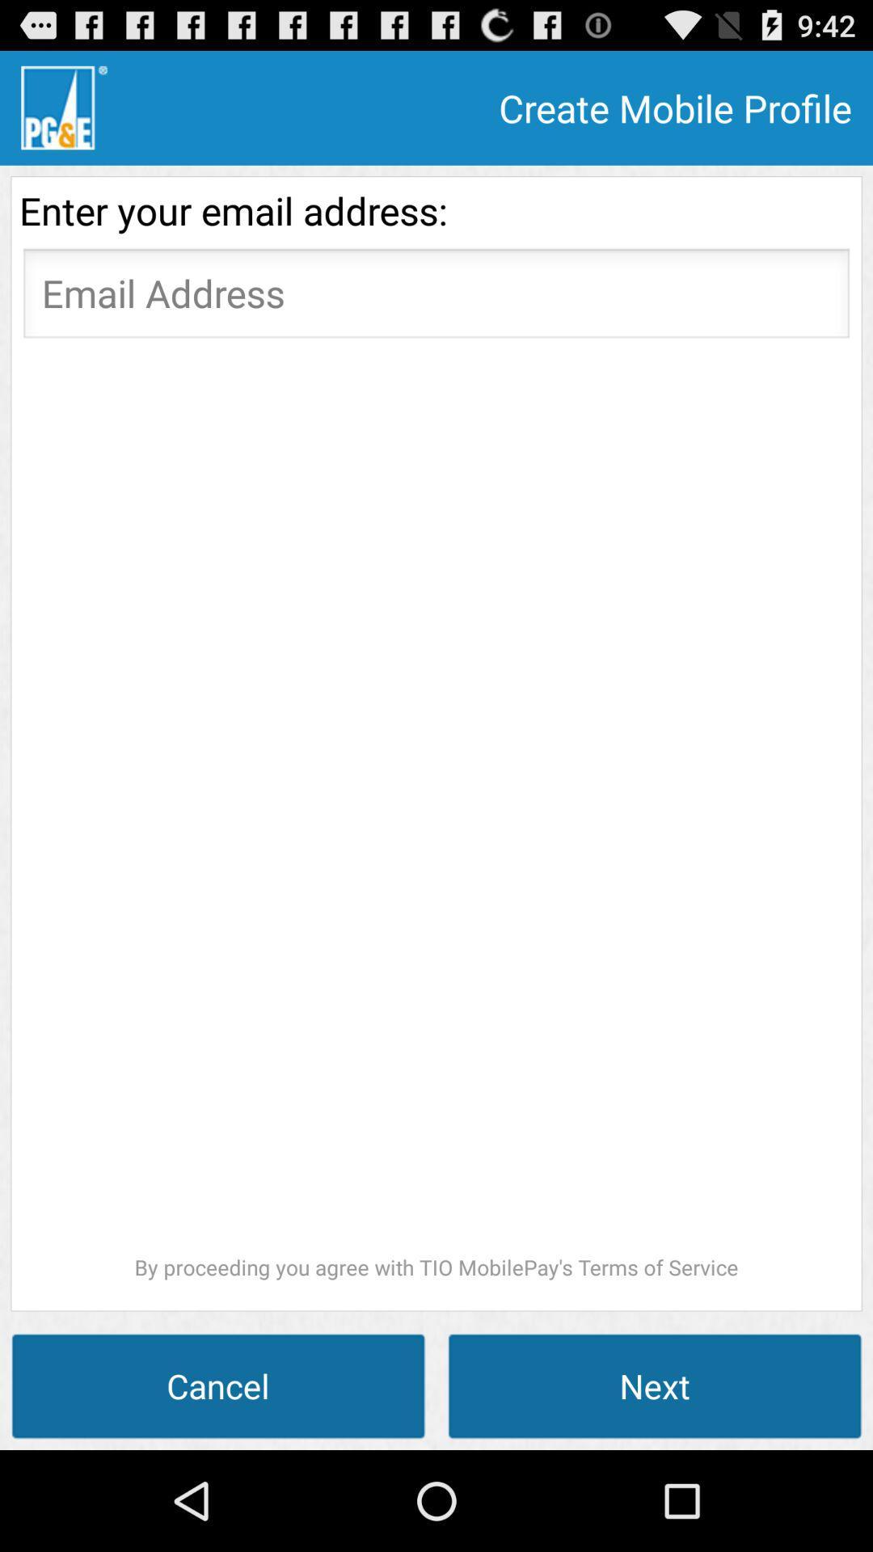 This screenshot has width=873, height=1552. What do you see at coordinates (655, 1385) in the screenshot?
I see `the next button` at bounding box center [655, 1385].